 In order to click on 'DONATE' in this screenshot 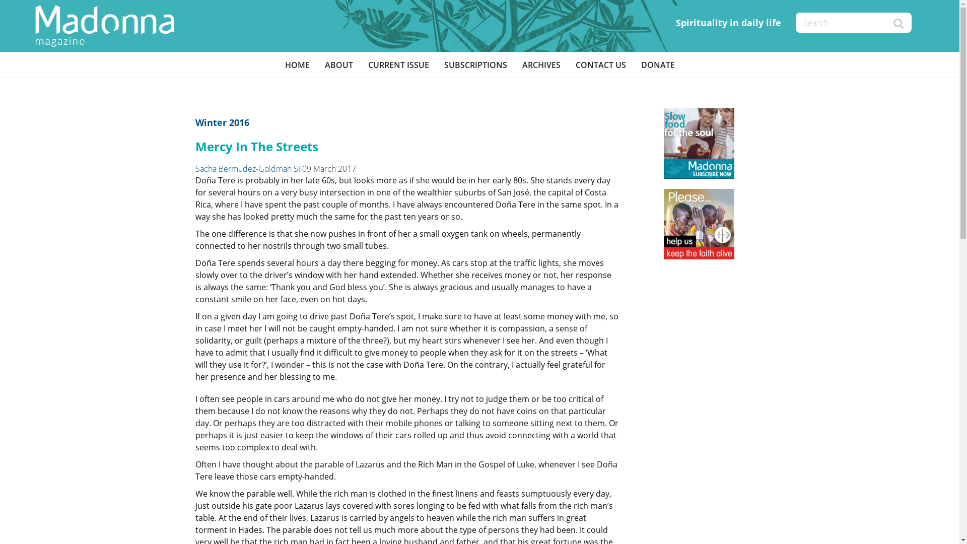, I will do `click(658, 64)`.